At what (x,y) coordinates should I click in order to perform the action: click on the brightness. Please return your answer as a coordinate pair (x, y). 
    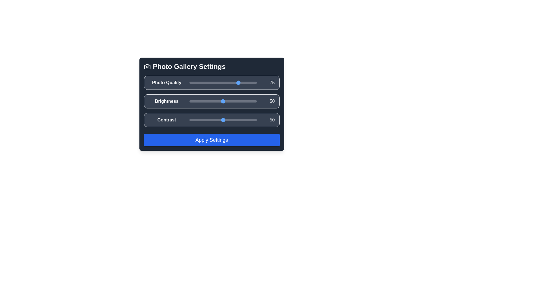
    Looking at the image, I should click on (237, 101).